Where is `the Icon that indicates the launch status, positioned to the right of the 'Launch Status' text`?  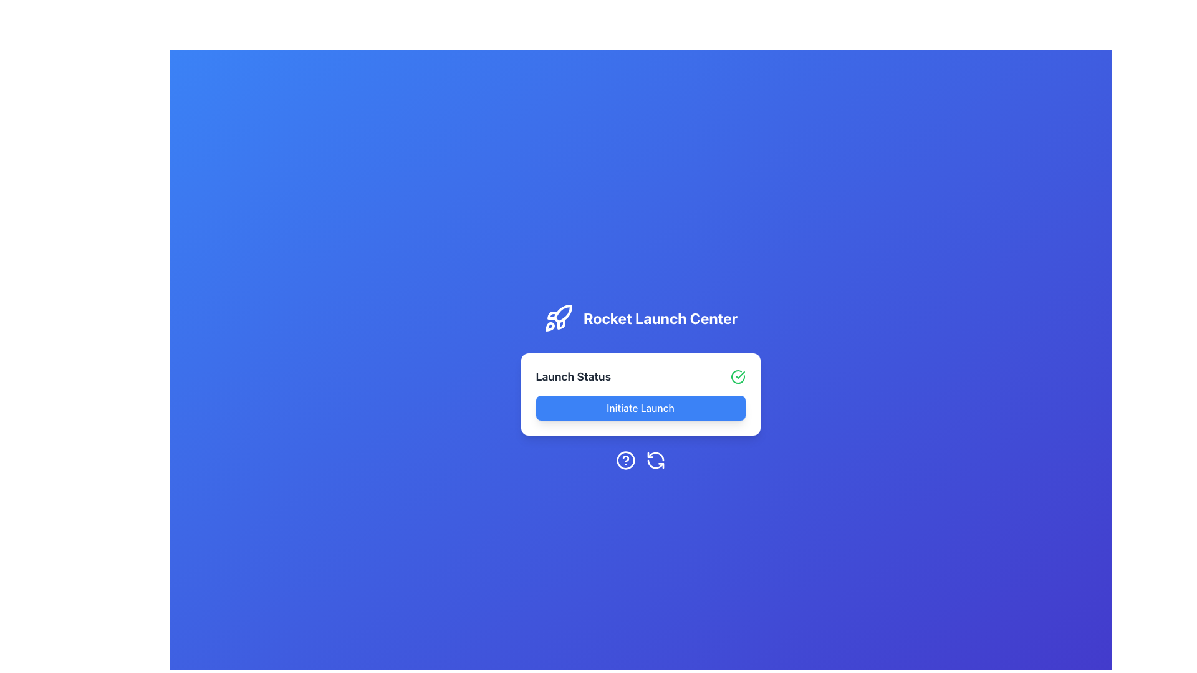
the Icon that indicates the launch status, positioned to the right of the 'Launch Status' text is located at coordinates (738, 376).